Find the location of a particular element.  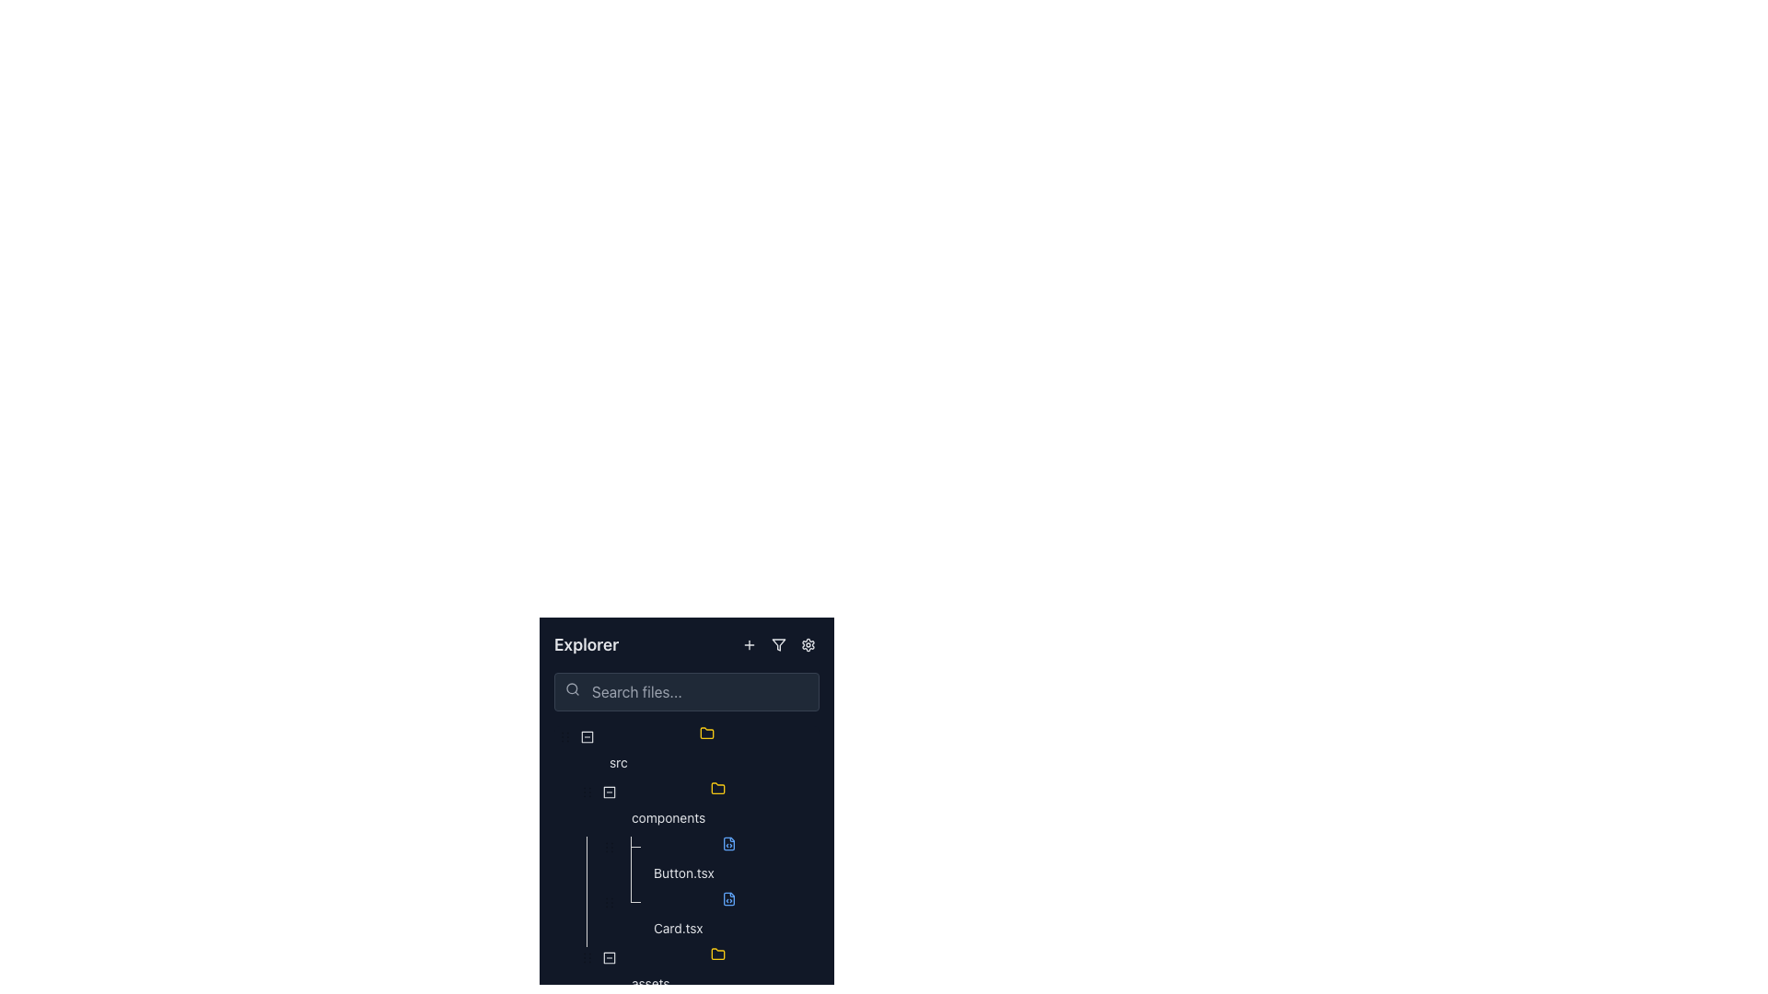

the folder icon in the tree view, which is represented by a yellow outline of a folder next to the label 'src', to possibly display additional information is located at coordinates (710, 736).